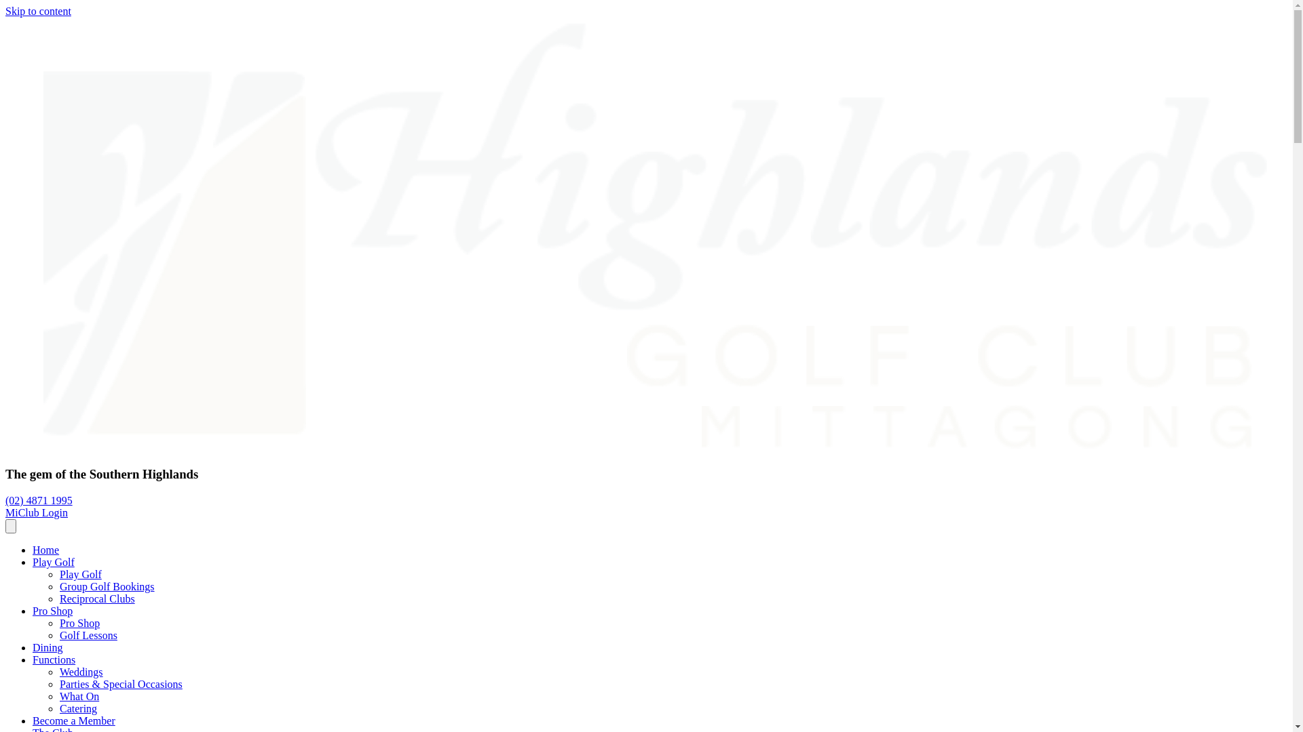 This screenshot has width=1303, height=732. I want to click on 'Play Golf', so click(53, 562).